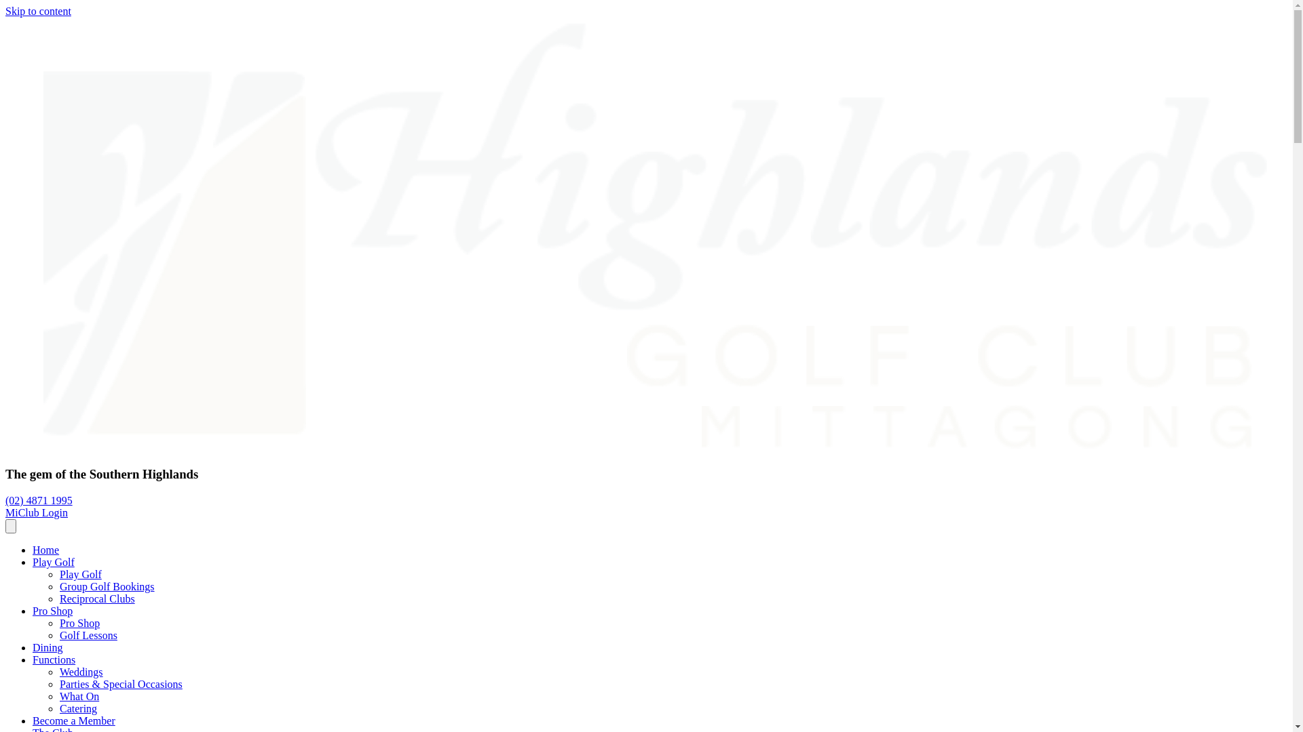 This screenshot has width=1303, height=732. I want to click on 'Play Golf', so click(53, 562).